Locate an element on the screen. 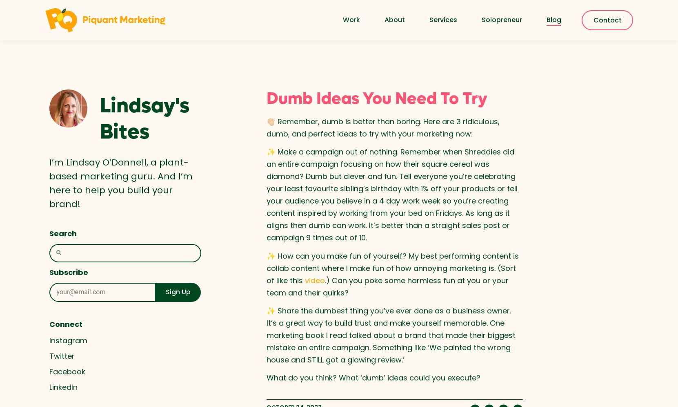 Image resolution: width=678 pixels, height=407 pixels. '👏🏻 Remember, dumb is better than boring. Here are 3 ridiculous, dumb, and perfect ideas to try with your marketing now:' is located at coordinates (382, 127).